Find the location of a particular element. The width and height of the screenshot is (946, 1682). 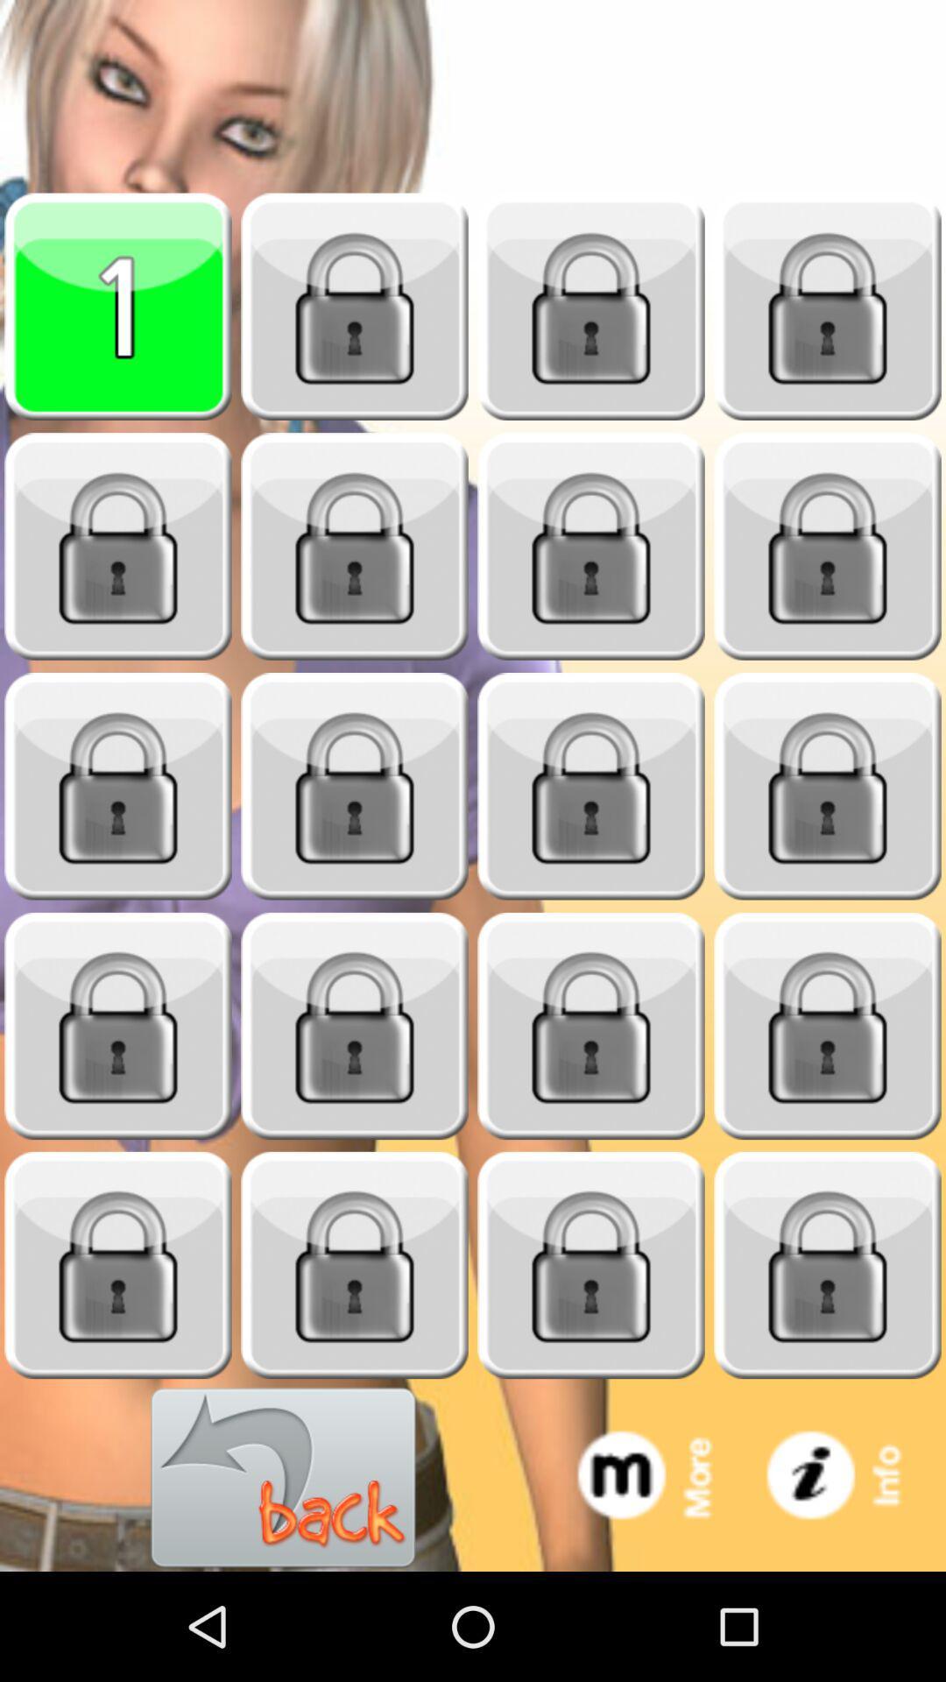

go back is located at coordinates (283, 1477).